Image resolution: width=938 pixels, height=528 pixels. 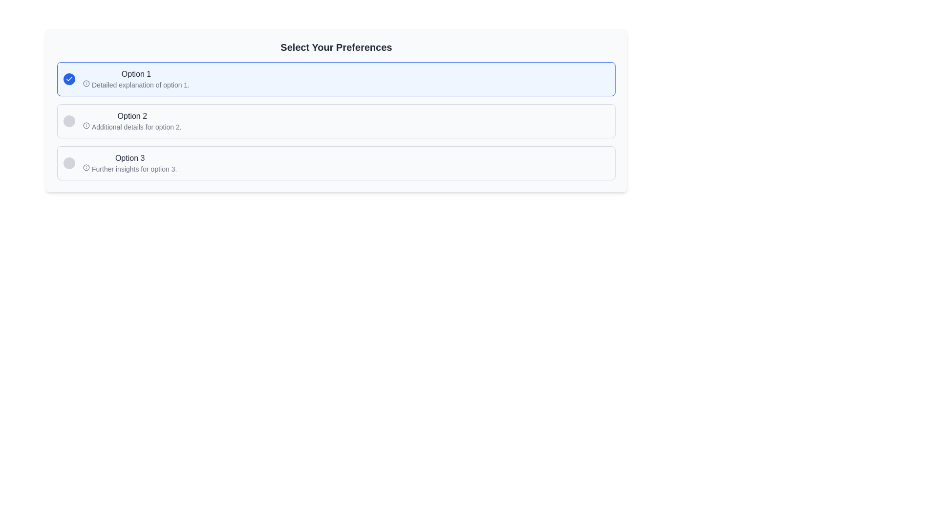 What do you see at coordinates (69, 163) in the screenshot?
I see `the radio button indicating the selection status for 'Option 3', located in the left margin of its row` at bounding box center [69, 163].